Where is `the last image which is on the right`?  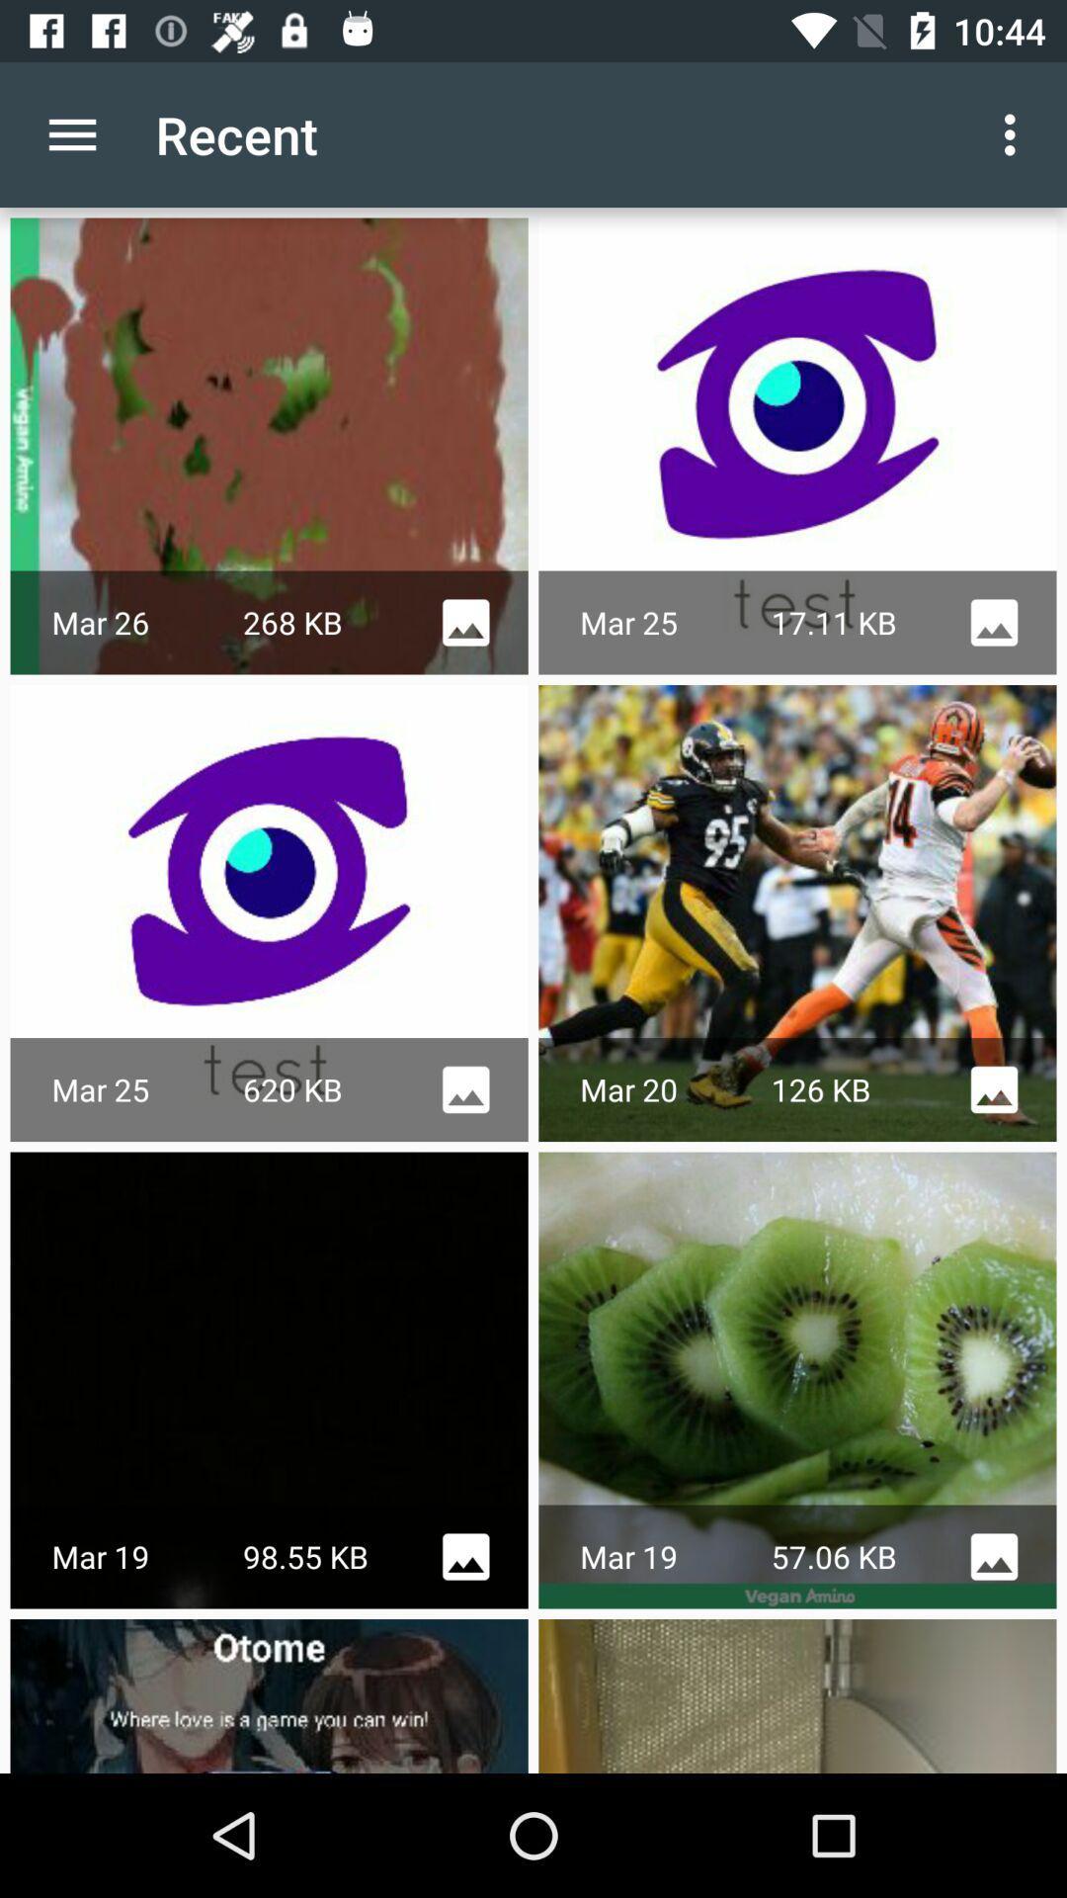 the last image which is on the right is located at coordinates (796, 1694).